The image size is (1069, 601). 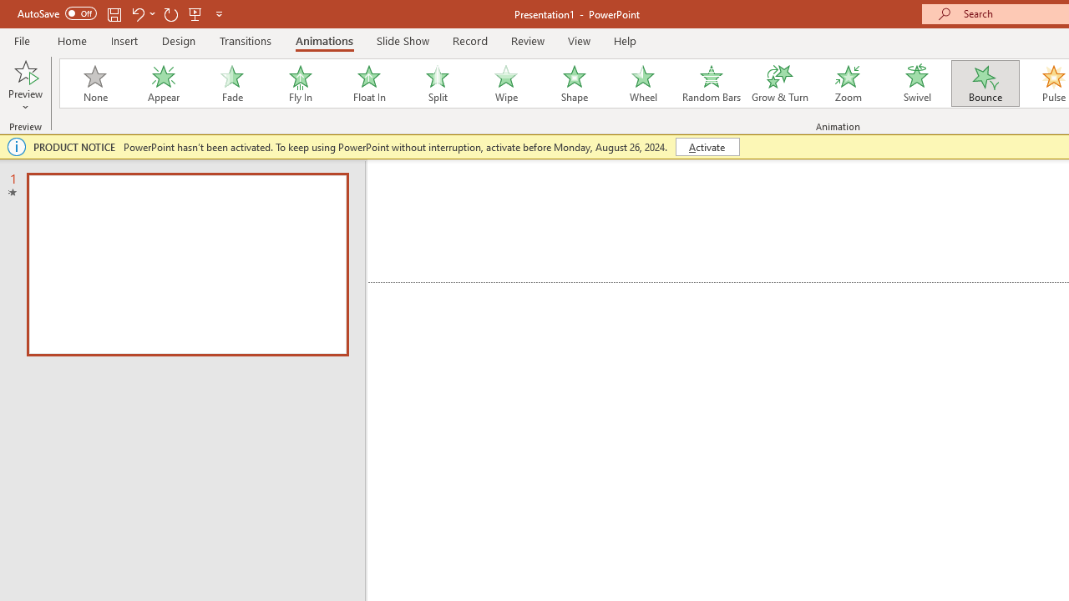 What do you see at coordinates (324, 40) in the screenshot?
I see `'Animations'` at bounding box center [324, 40].